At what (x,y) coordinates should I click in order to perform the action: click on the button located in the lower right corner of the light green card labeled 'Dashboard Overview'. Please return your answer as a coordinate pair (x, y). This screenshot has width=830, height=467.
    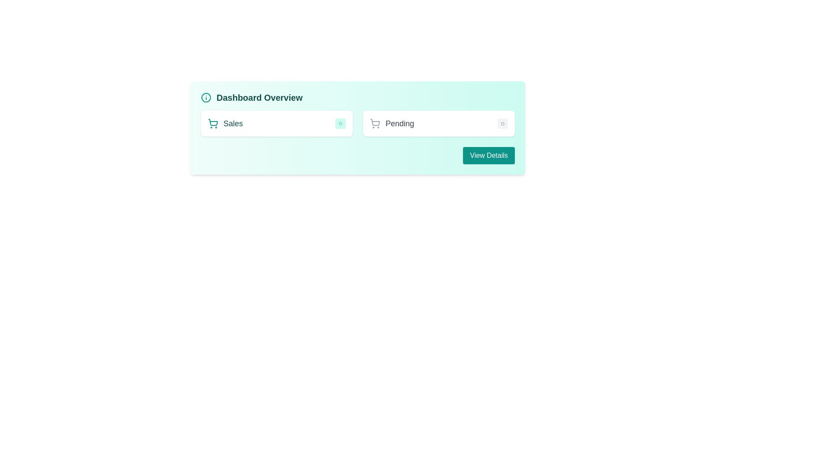
    Looking at the image, I should click on (489, 155).